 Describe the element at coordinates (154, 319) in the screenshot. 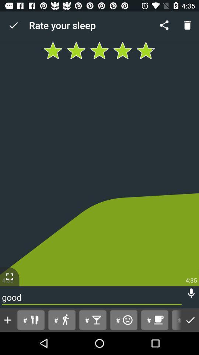

I see `#` at that location.